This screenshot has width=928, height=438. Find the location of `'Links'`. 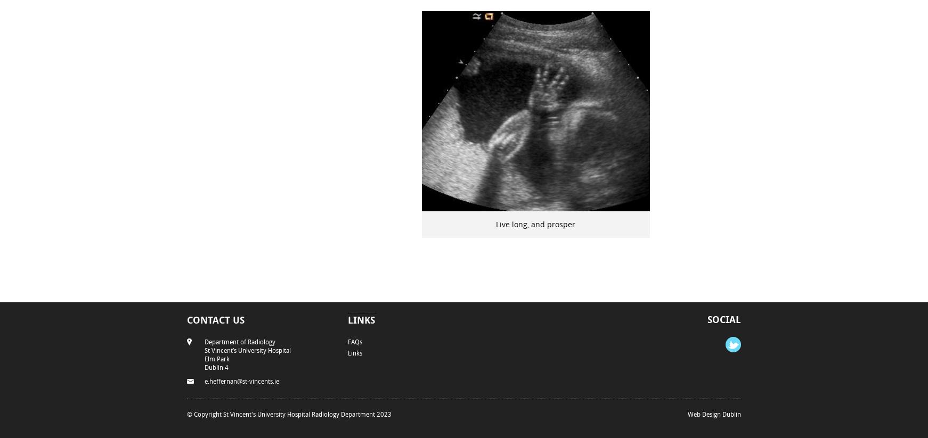

'Links' is located at coordinates (361, 319).